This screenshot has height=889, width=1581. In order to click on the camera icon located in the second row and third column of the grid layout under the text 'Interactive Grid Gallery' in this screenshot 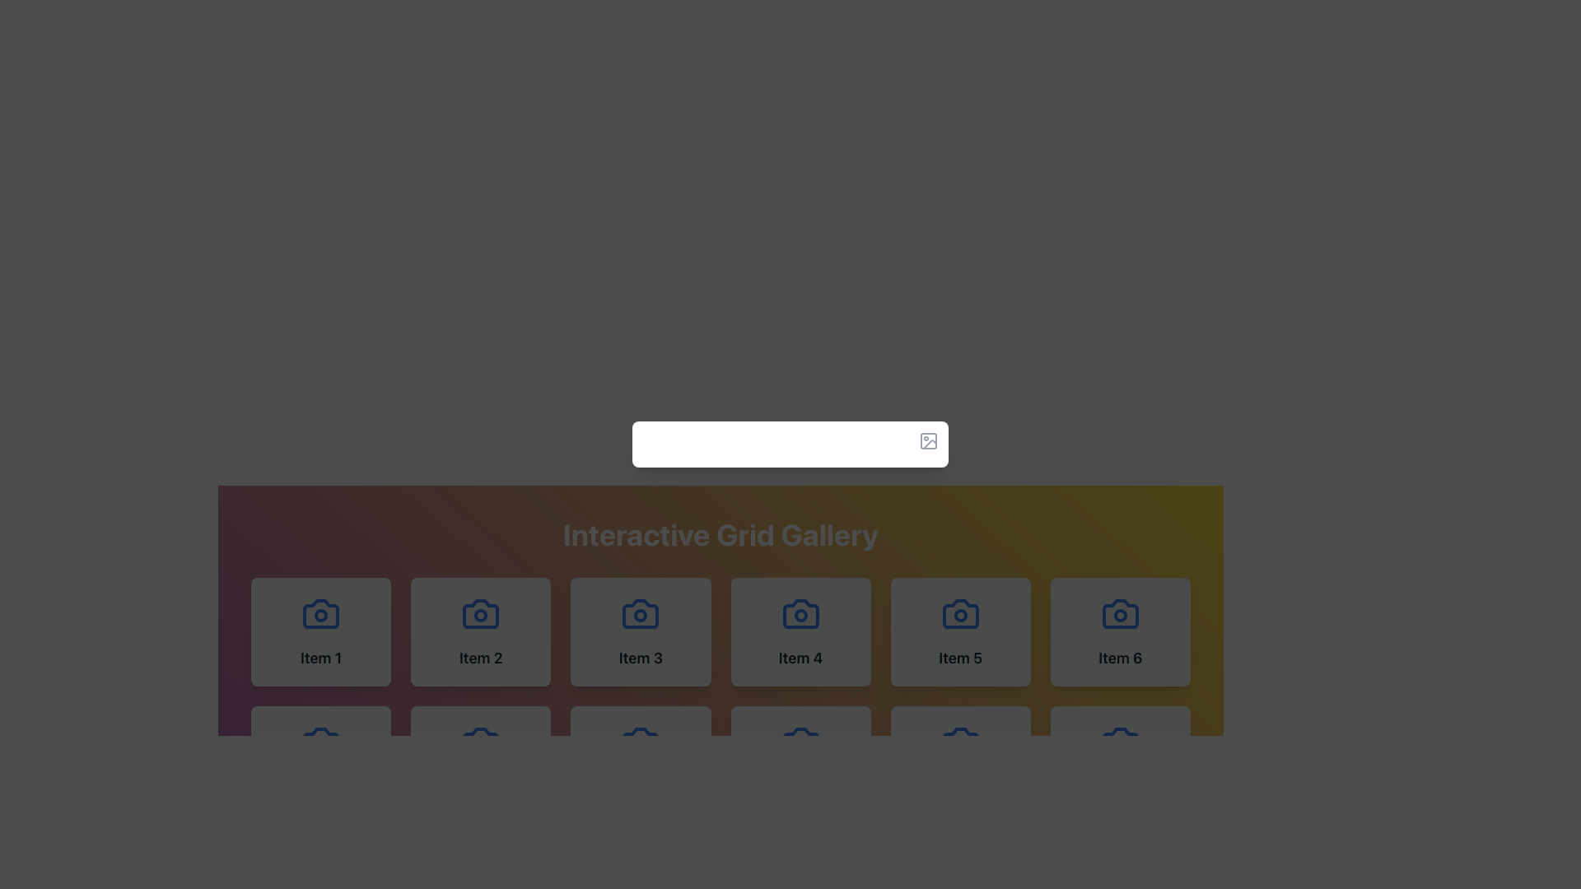, I will do `click(1120, 613)`.